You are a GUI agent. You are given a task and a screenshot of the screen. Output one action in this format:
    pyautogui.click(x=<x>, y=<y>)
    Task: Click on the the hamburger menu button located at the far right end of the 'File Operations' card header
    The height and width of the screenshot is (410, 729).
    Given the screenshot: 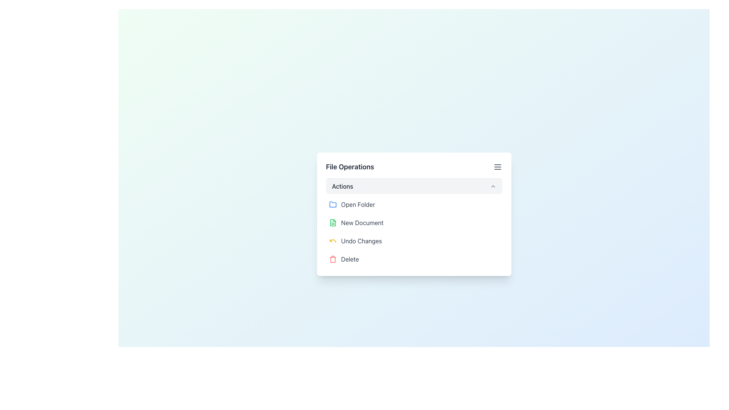 What is the action you would take?
    pyautogui.click(x=497, y=166)
    